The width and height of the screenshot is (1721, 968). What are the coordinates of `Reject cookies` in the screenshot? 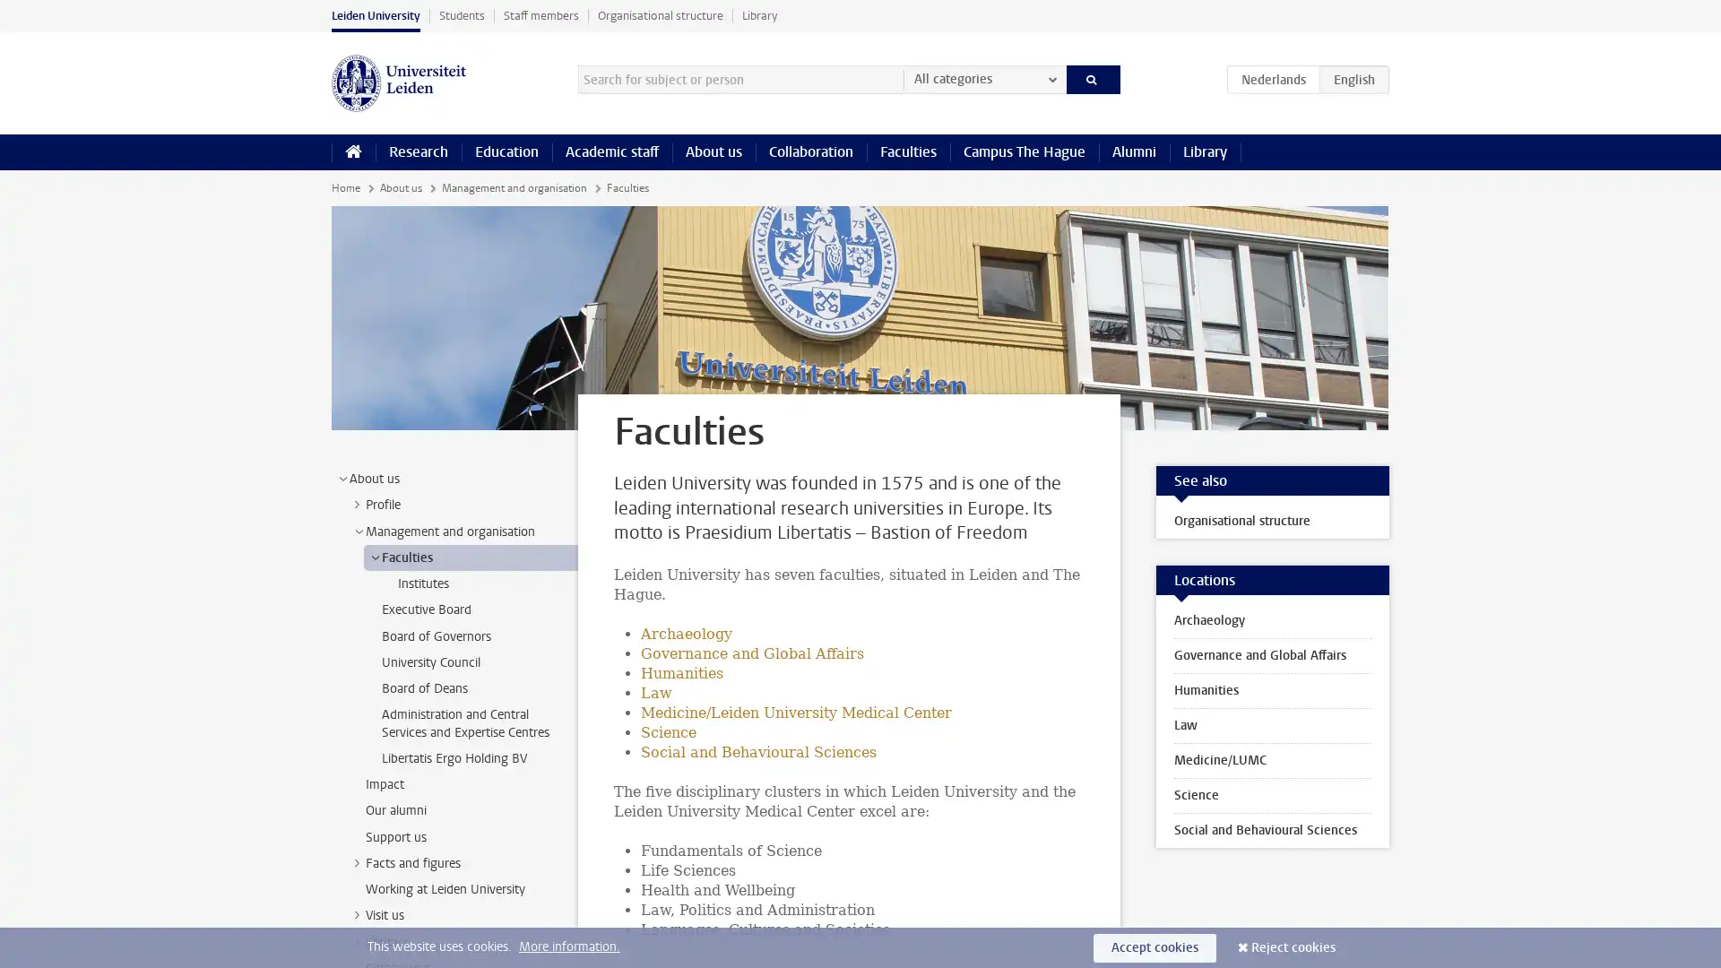 It's located at (1293, 946).